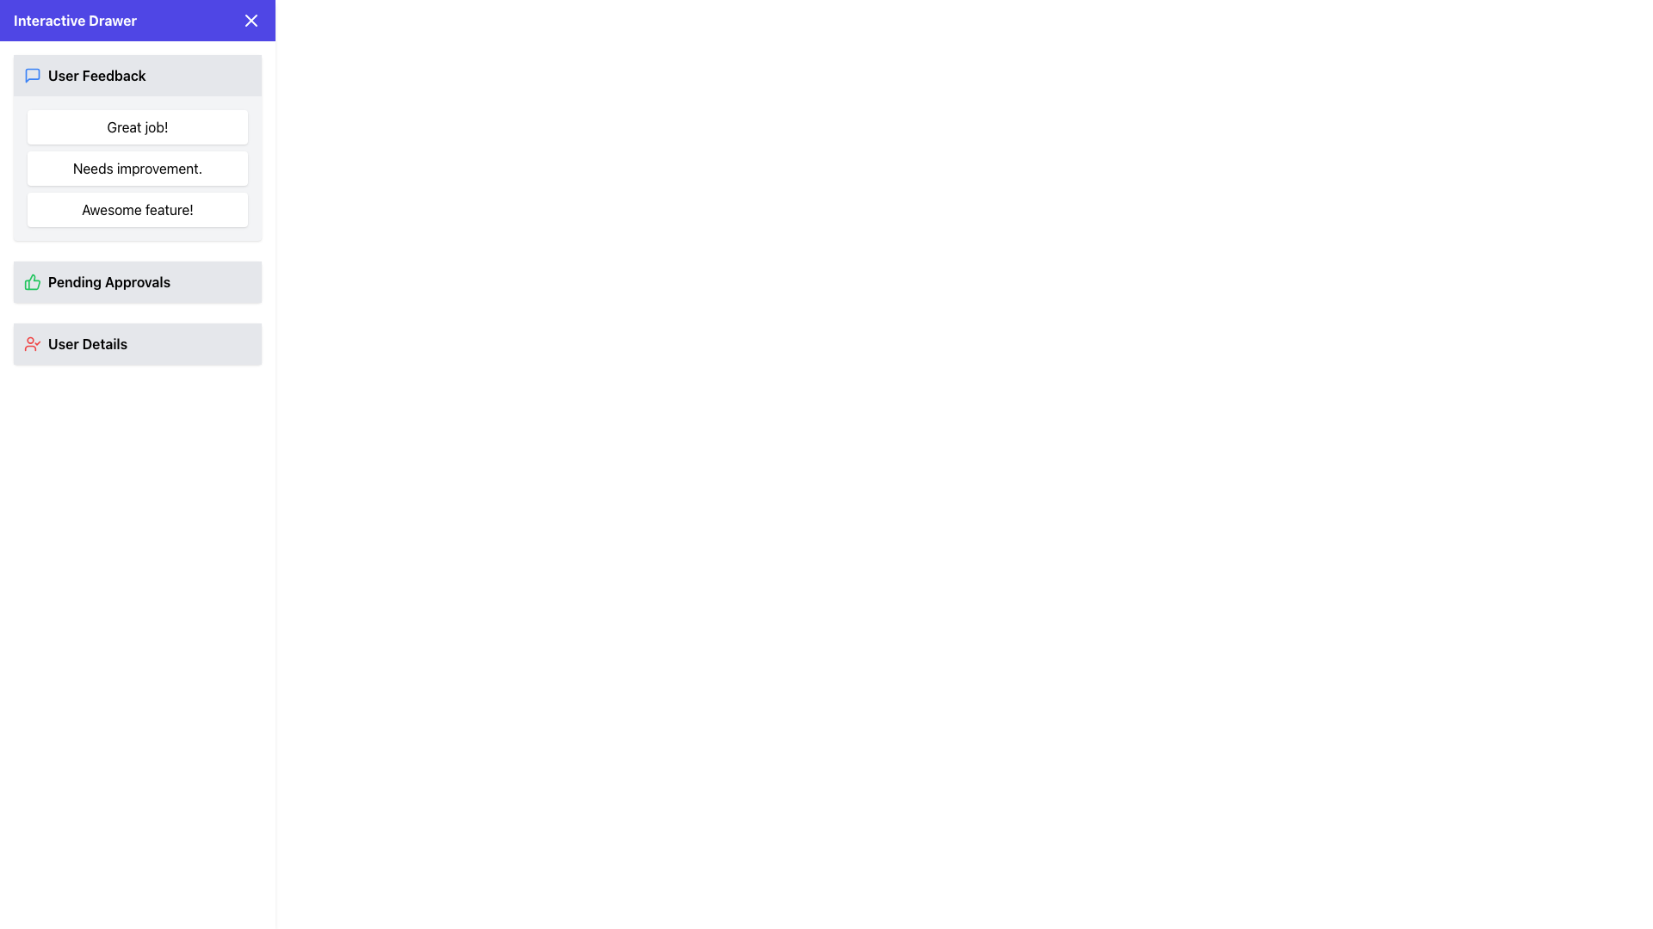 This screenshot has height=929, width=1653. Describe the element at coordinates (136, 280) in the screenshot. I see `the section header labeled 'Pending Approvals' which is located in the middle section of the vertical list within the 'Interactive Drawer' panel` at that location.